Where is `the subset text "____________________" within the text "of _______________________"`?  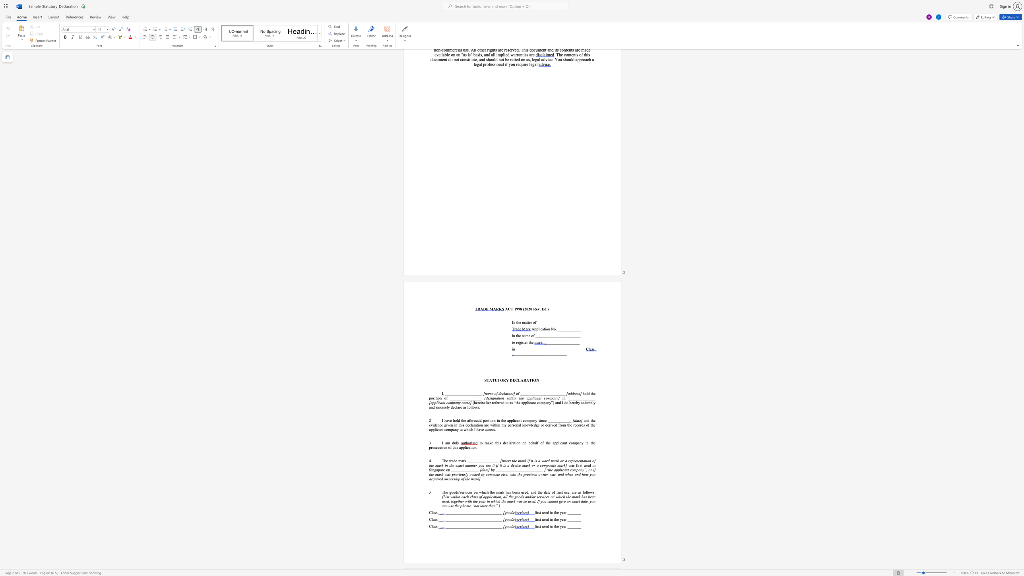
the subset text "____________________" within the text "of _______________________" is located at coordinates (520, 393).